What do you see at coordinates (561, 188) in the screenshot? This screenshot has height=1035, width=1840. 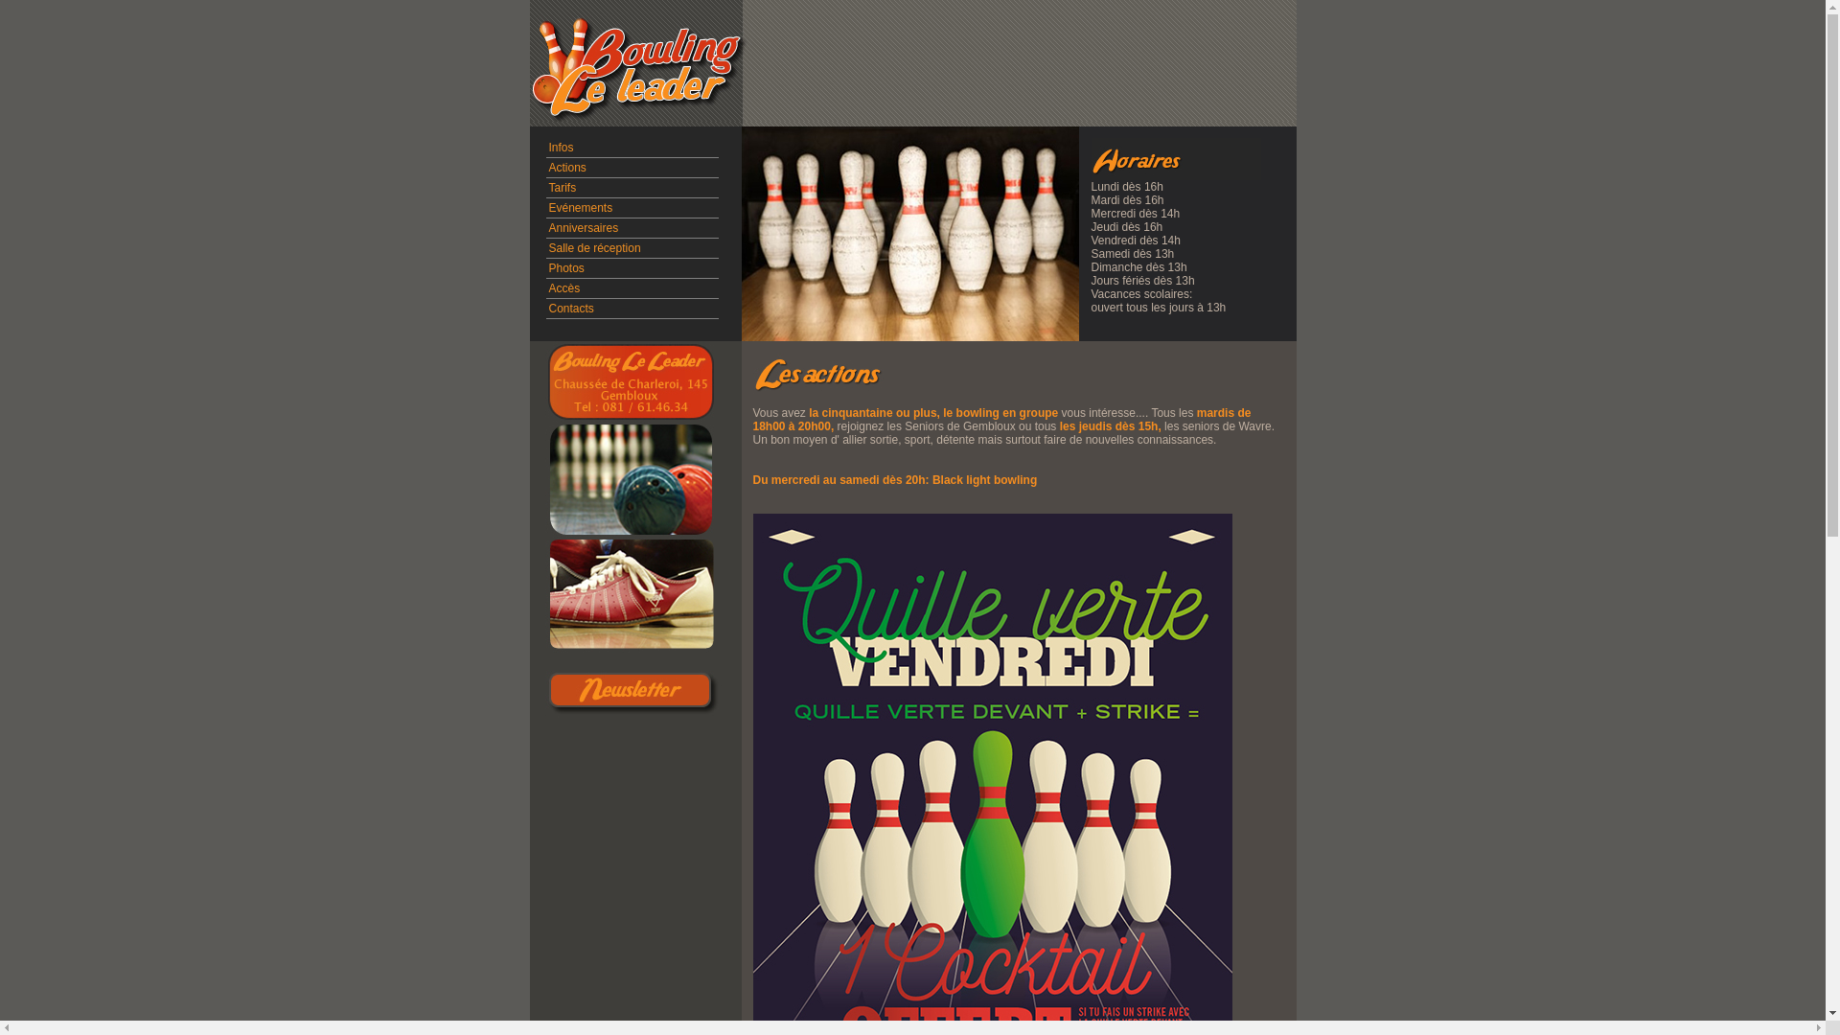 I see `'Tarifs'` at bounding box center [561, 188].